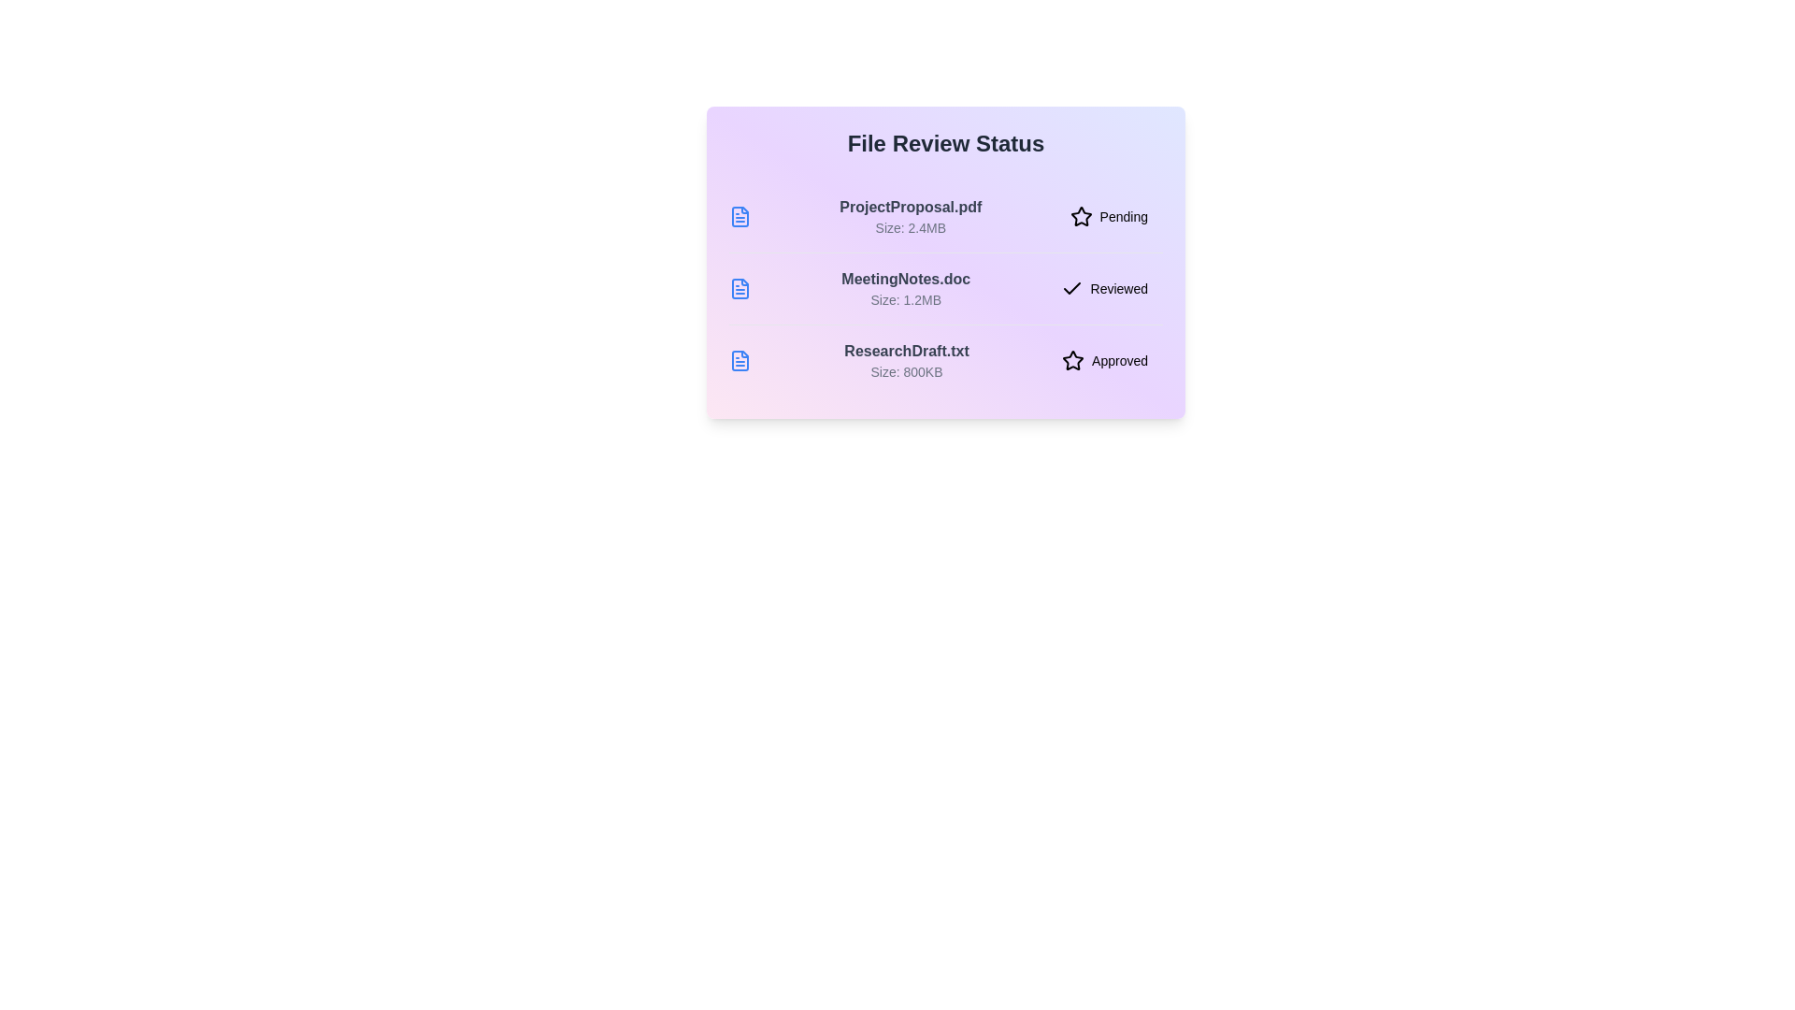 The width and height of the screenshot is (1795, 1010). Describe the element at coordinates (1104, 360) in the screenshot. I see `the status indicator of the file ResearchDraft.txt to view its status` at that location.